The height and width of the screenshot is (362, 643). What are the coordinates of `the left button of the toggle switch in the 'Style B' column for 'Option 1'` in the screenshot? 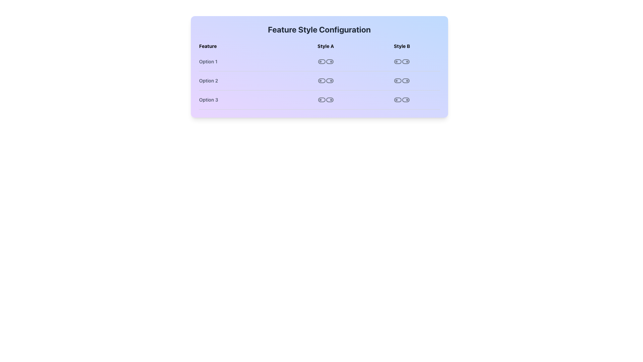 It's located at (402, 62).